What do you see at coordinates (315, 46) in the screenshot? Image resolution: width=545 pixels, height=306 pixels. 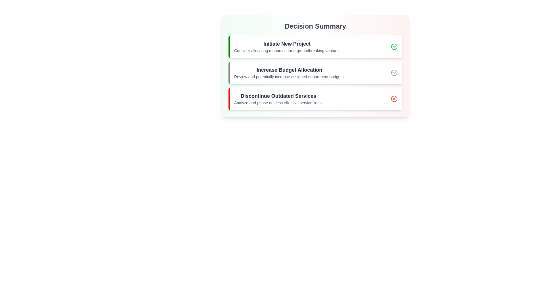 I see `the section Initiate New Project to emphasize its importance` at bounding box center [315, 46].